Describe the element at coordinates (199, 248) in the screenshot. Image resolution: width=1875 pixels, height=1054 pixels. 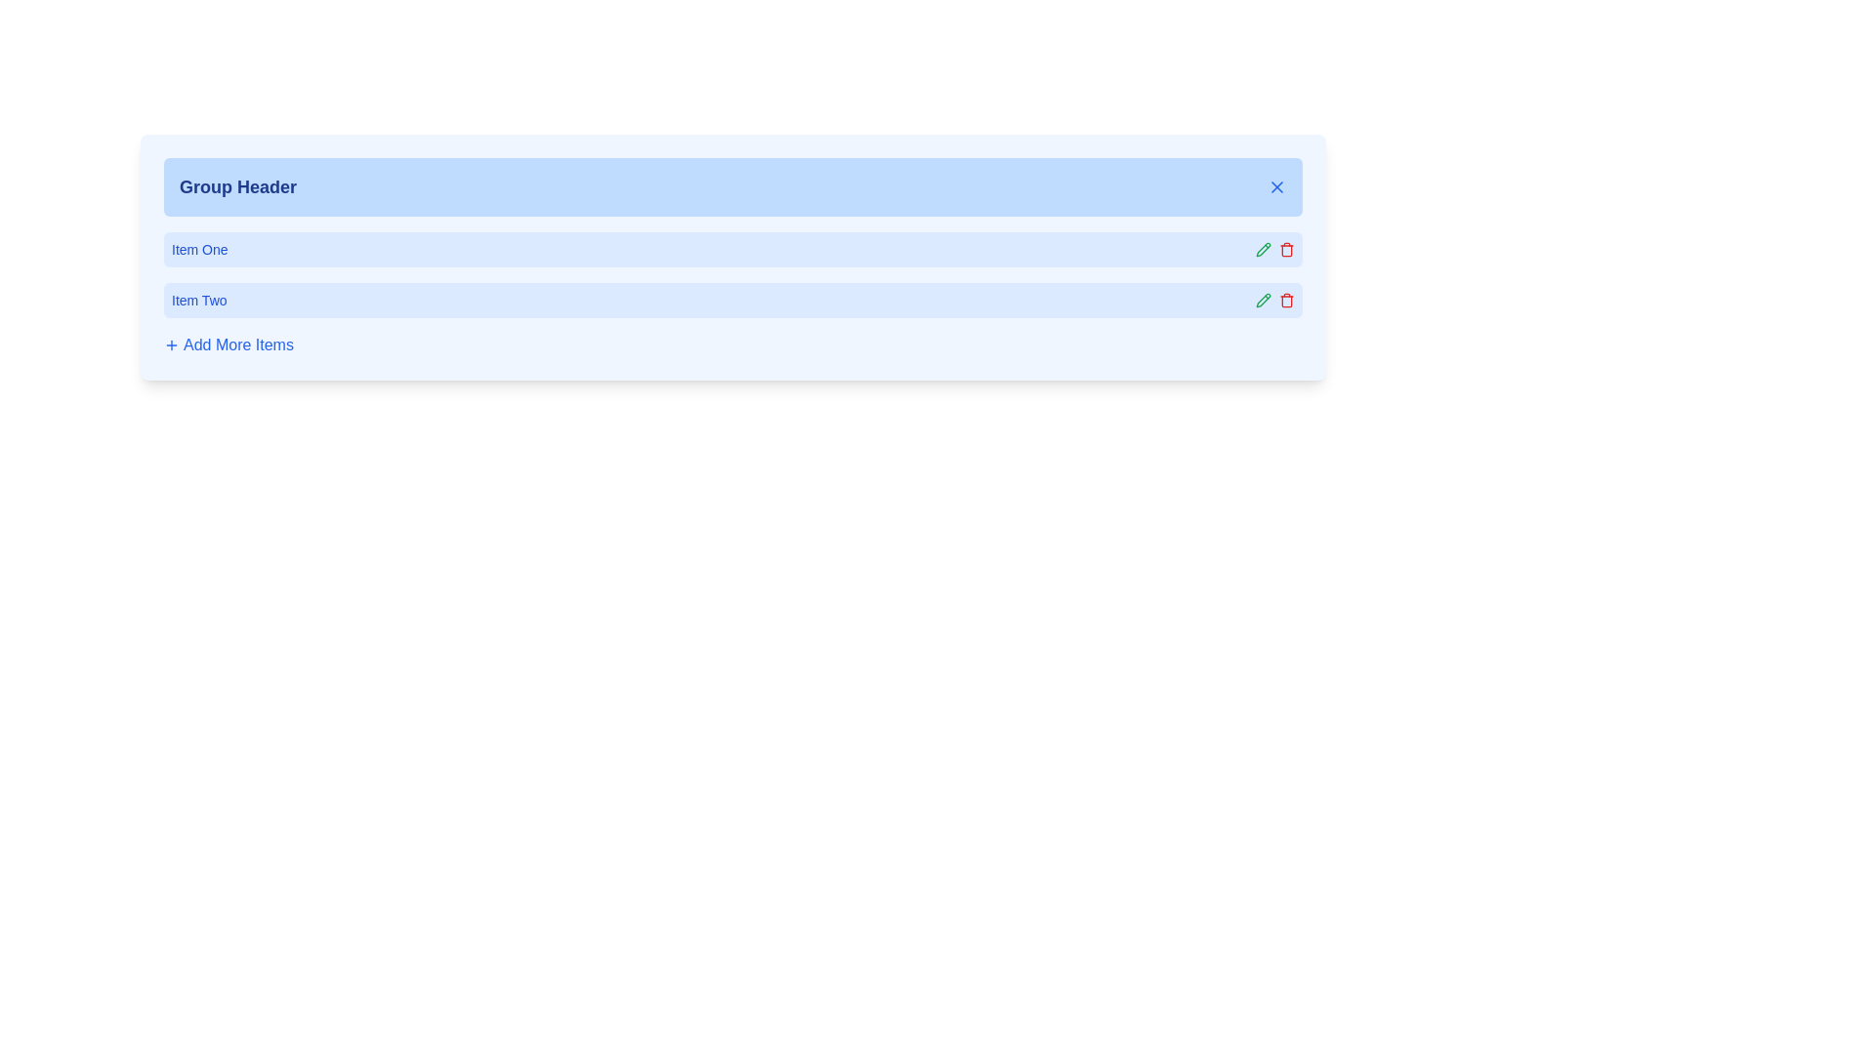
I see `the text label displaying 'Item One', which is styled in blue and located under the 'Group Header'` at that location.